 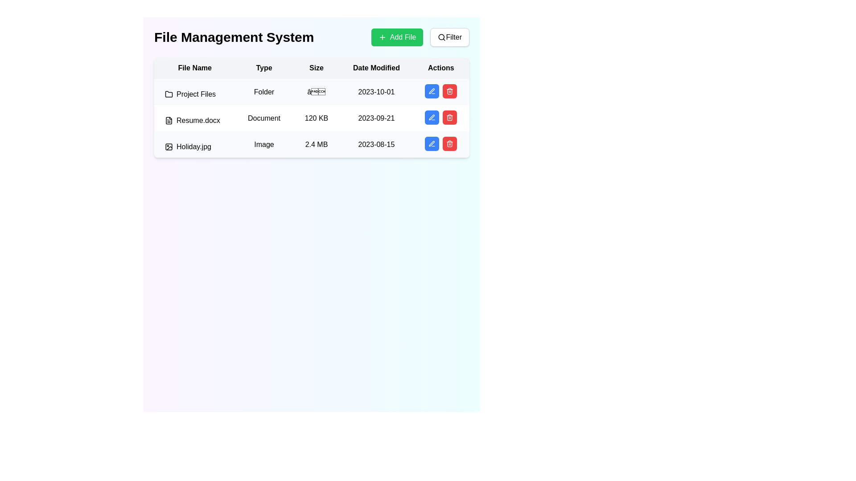 I want to click on the plus icon located at the center of the green-colored 'Add File' button in the interface's header, next to the 'Filter' button, so click(x=382, y=37).